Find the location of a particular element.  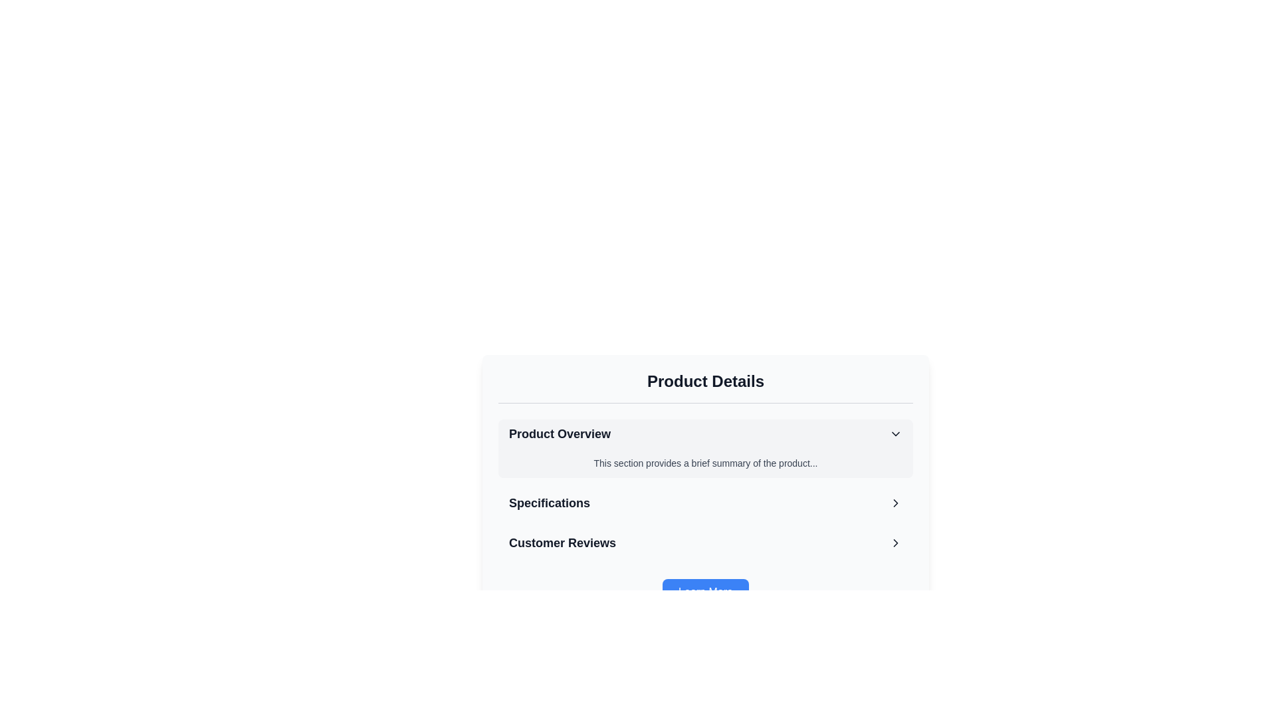

the navigational button for customer reviews, which is the third element in the 'Product Details' section is located at coordinates (704, 543).